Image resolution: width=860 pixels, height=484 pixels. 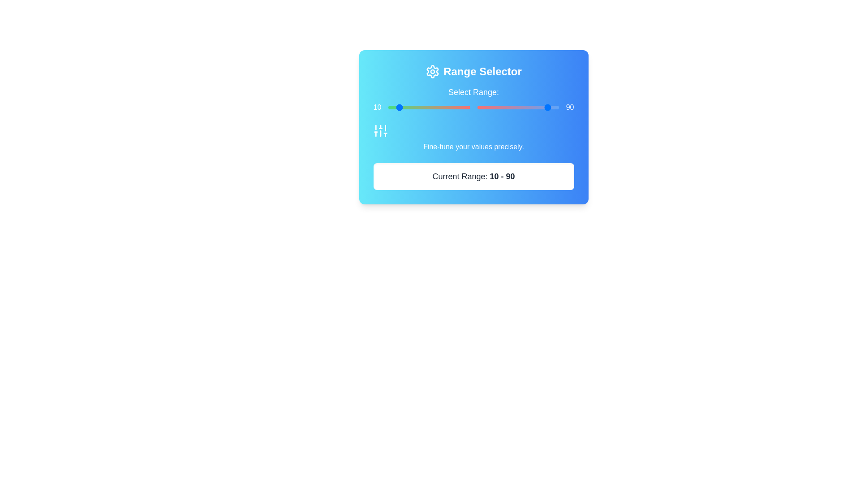 I want to click on the right range slider to set its value to 31, so click(x=503, y=107).